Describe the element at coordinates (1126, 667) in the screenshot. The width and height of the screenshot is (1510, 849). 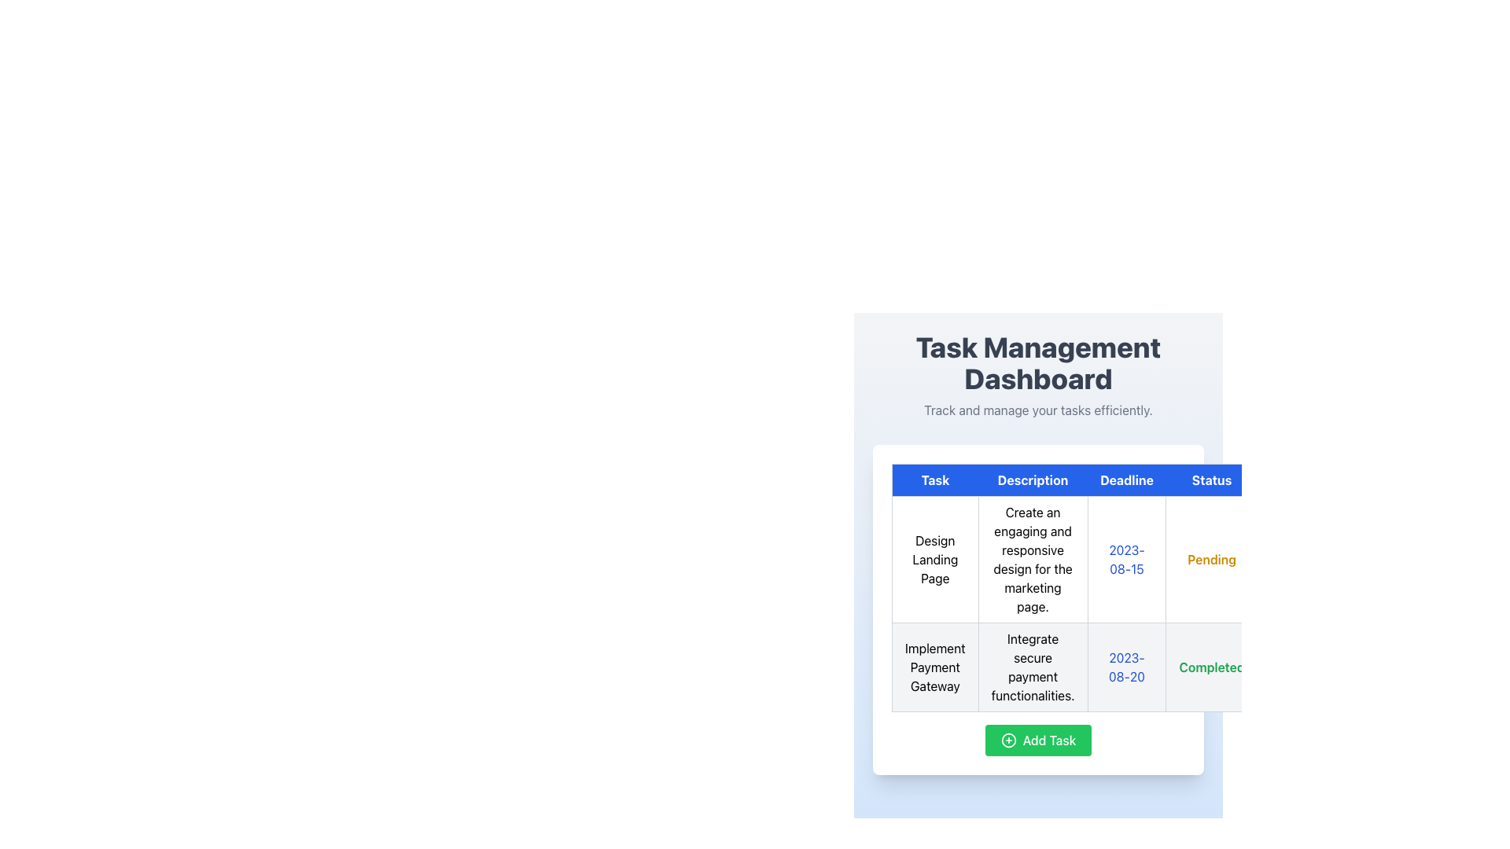
I see `the static label displaying the deadline date for the task 'Implement Payment Gateway' in the third cell of the 'Deadline' column` at that location.